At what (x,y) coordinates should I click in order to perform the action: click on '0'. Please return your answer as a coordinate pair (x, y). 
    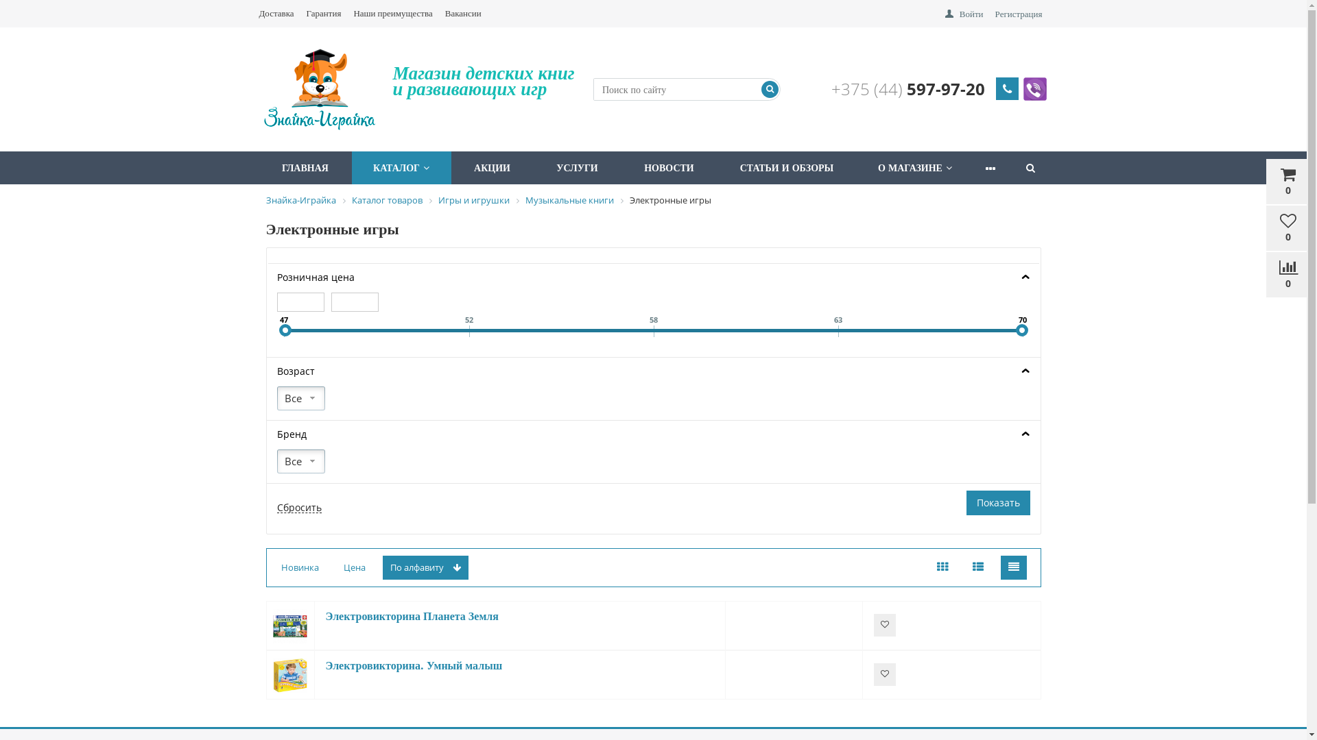
    Looking at the image, I should click on (1287, 181).